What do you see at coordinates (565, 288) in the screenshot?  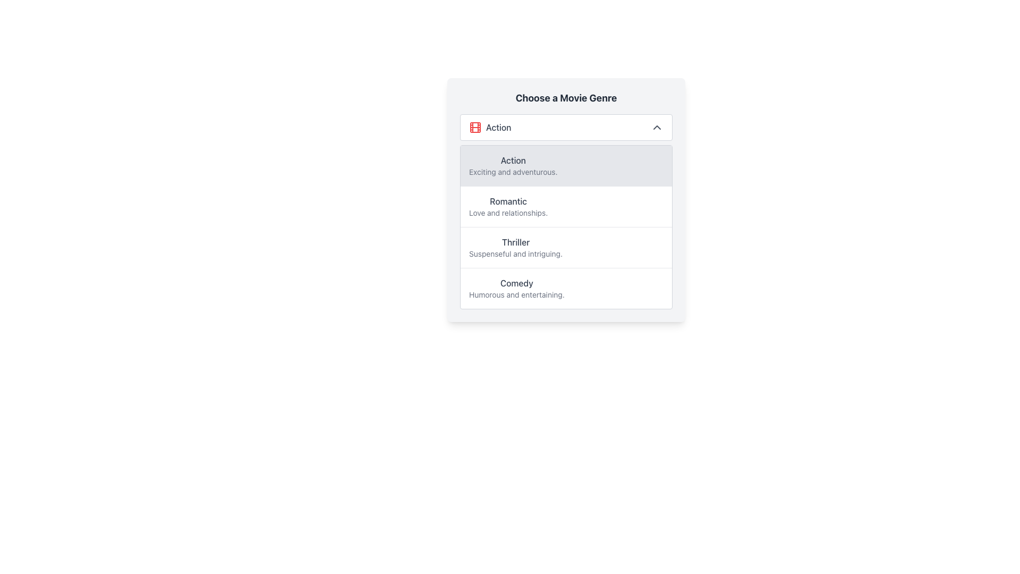 I see `the dropdown menu option labeled 'Comedy' which is the last item in the list of movie genres, highlighting it for selection` at bounding box center [565, 288].